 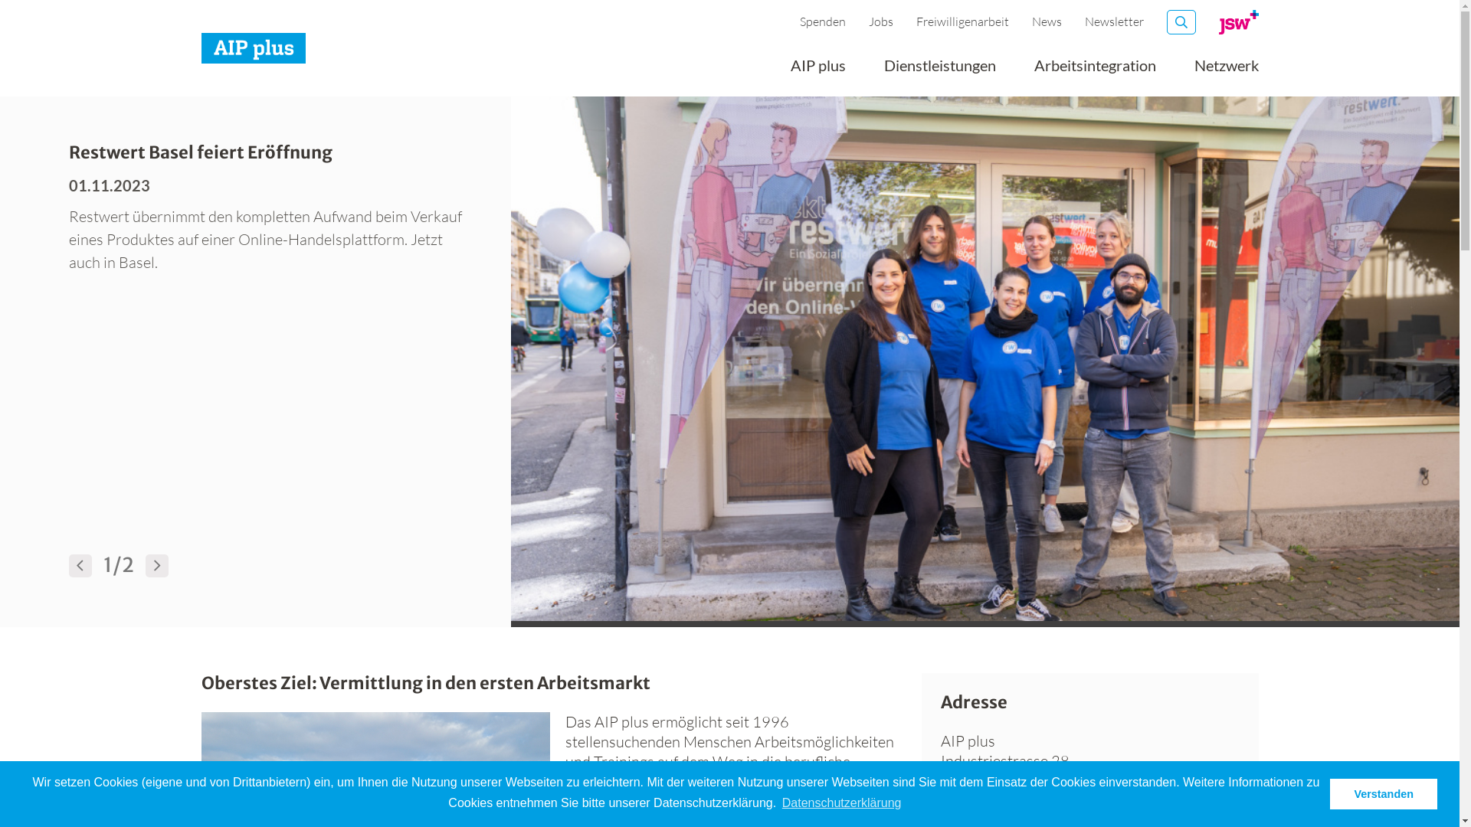 I want to click on 'Arbeitsintegration', so click(x=1094, y=70).